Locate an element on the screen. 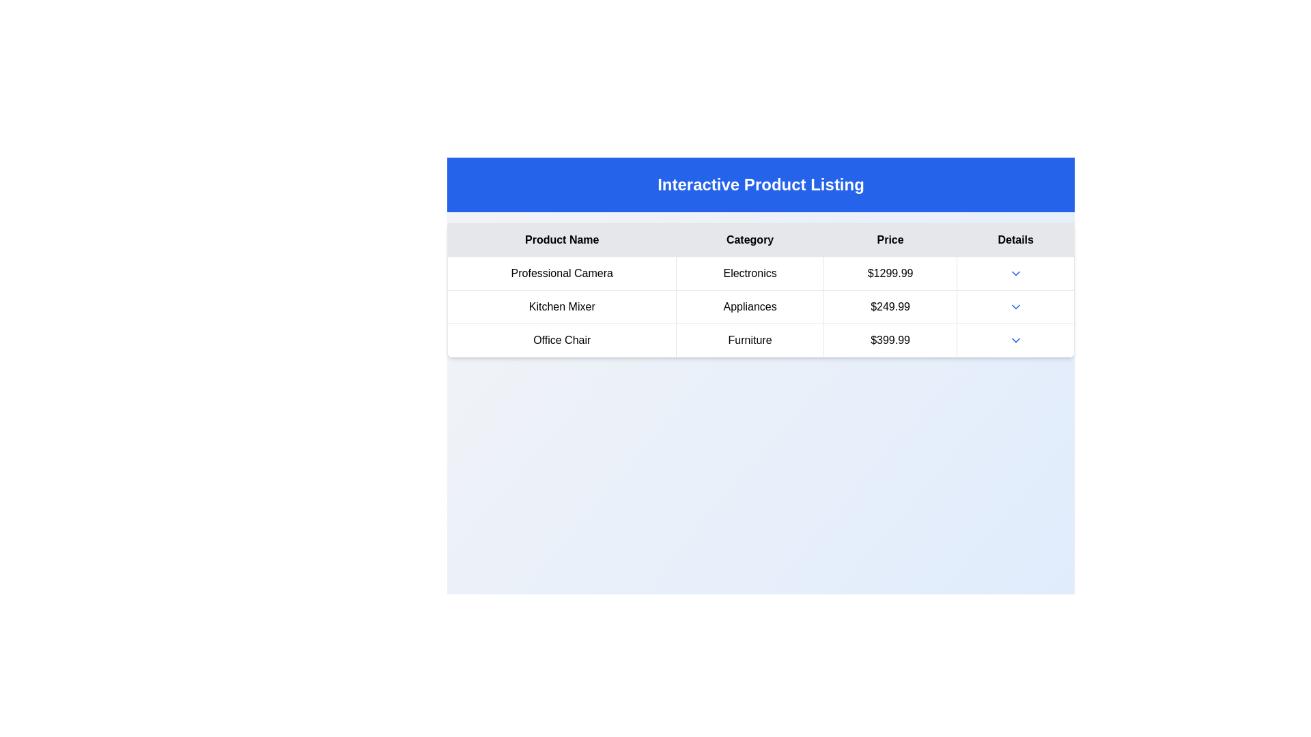 The height and width of the screenshot is (737, 1311). the static label component in the second row and second column of the table, which displays the category of the product, such as 'Appliances' is located at coordinates (760, 307).